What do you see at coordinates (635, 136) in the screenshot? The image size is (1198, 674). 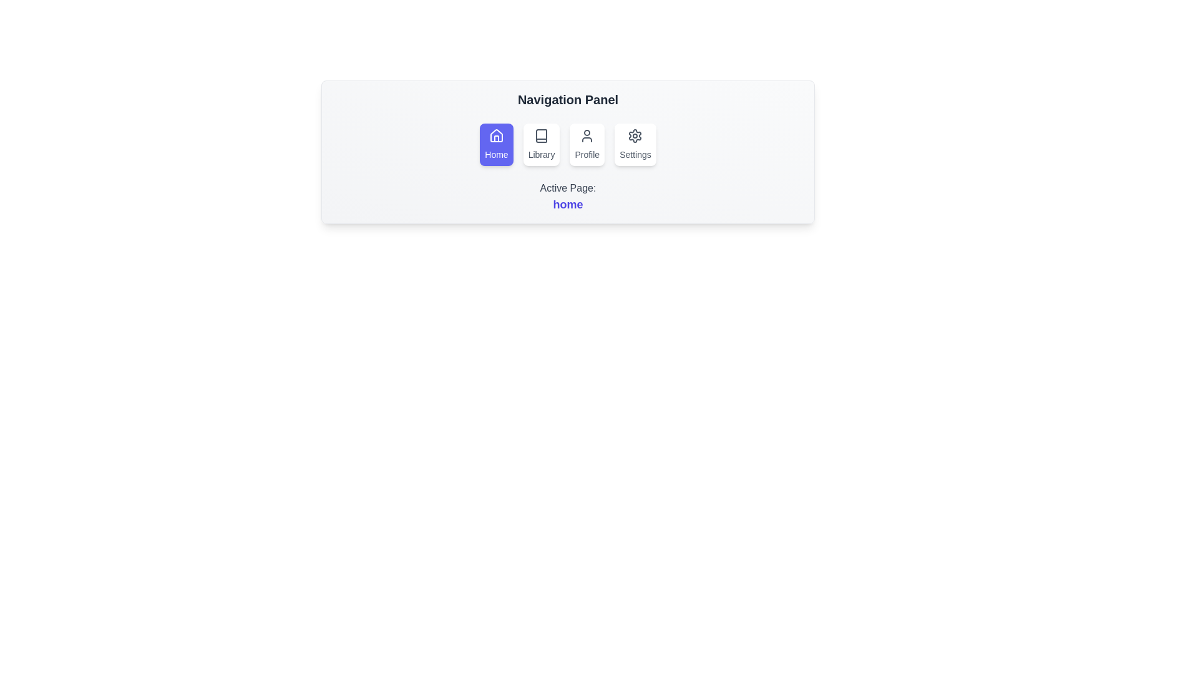 I see `the 'Settings' icon, which is the fourth button in the navigation panel` at bounding box center [635, 136].